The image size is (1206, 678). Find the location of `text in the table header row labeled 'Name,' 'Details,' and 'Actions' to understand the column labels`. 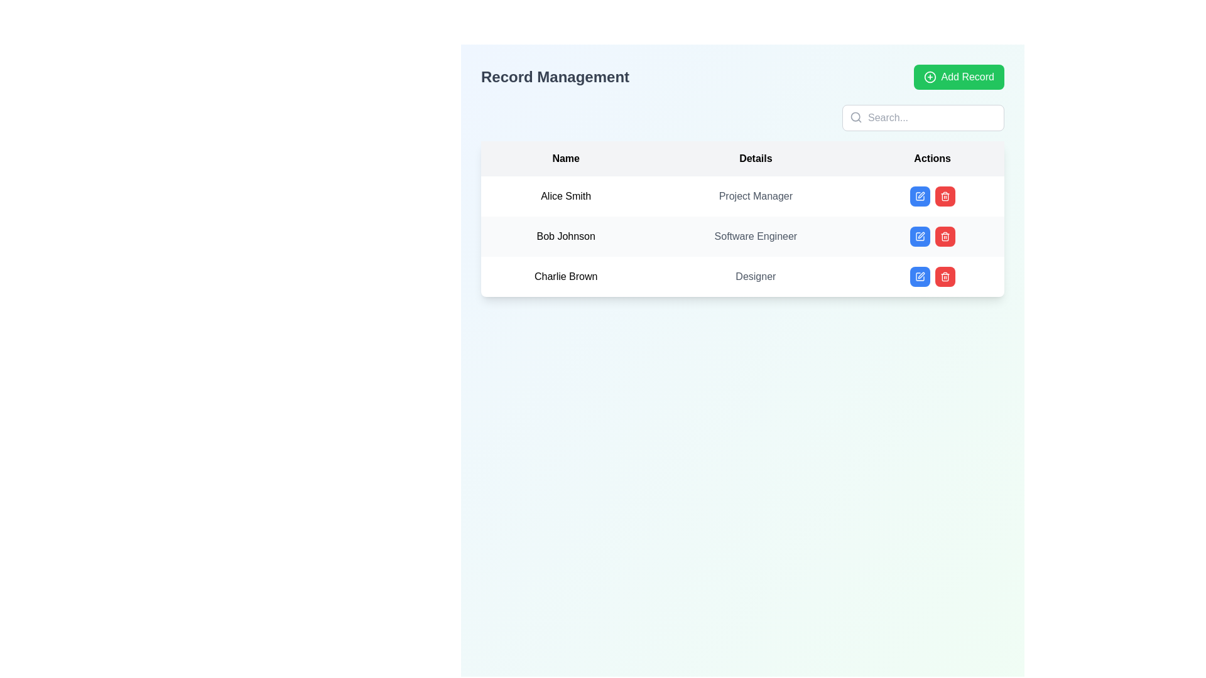

text in the table header row labeled 'Name,' 'Details,' and 'Actions' to understand the column labels is located at coordinates (742, 158).